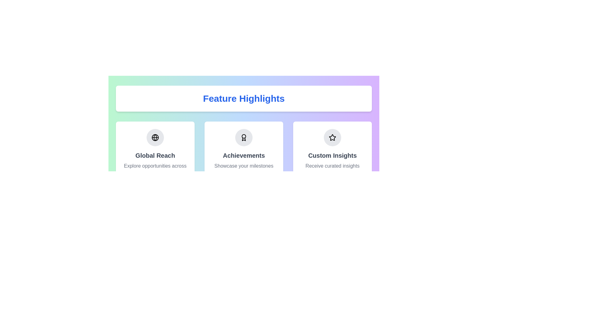 The image size is (595, 334). What do you see at coordinates (244, 156) in the screenshot?
I see `the feature highlight card positioned in the middle of a three-column layout, located between 'Global Reach' and 'Custom Insights'` at bounding box center [244, 156].